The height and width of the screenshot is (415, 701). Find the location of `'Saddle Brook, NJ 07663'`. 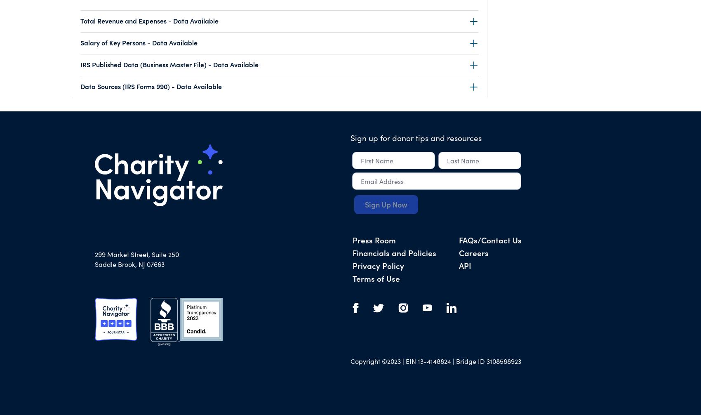

'Saddle Brook, NJ 07663' is located at coordinates (129, 264).